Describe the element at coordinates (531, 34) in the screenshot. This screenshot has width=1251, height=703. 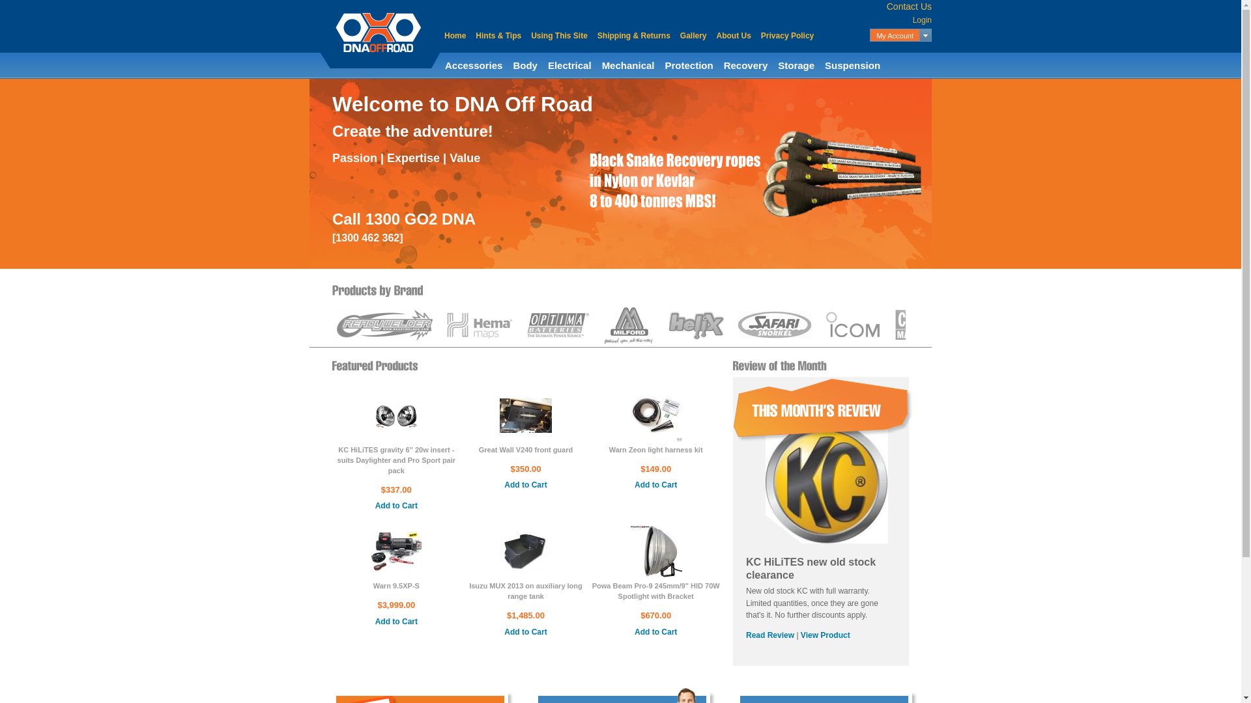
I see `'Using This Site'` at that location.